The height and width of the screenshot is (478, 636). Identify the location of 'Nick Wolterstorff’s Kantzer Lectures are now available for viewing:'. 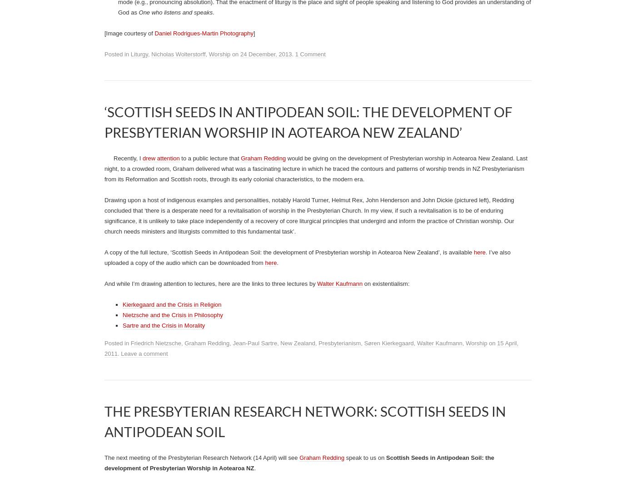
(191, 36).